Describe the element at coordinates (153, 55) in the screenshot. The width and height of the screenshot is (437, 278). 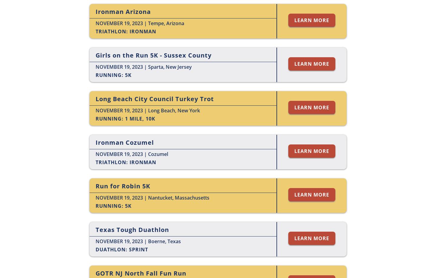
I see `'Girls on the Run 5K - Sussex County'` at that location.